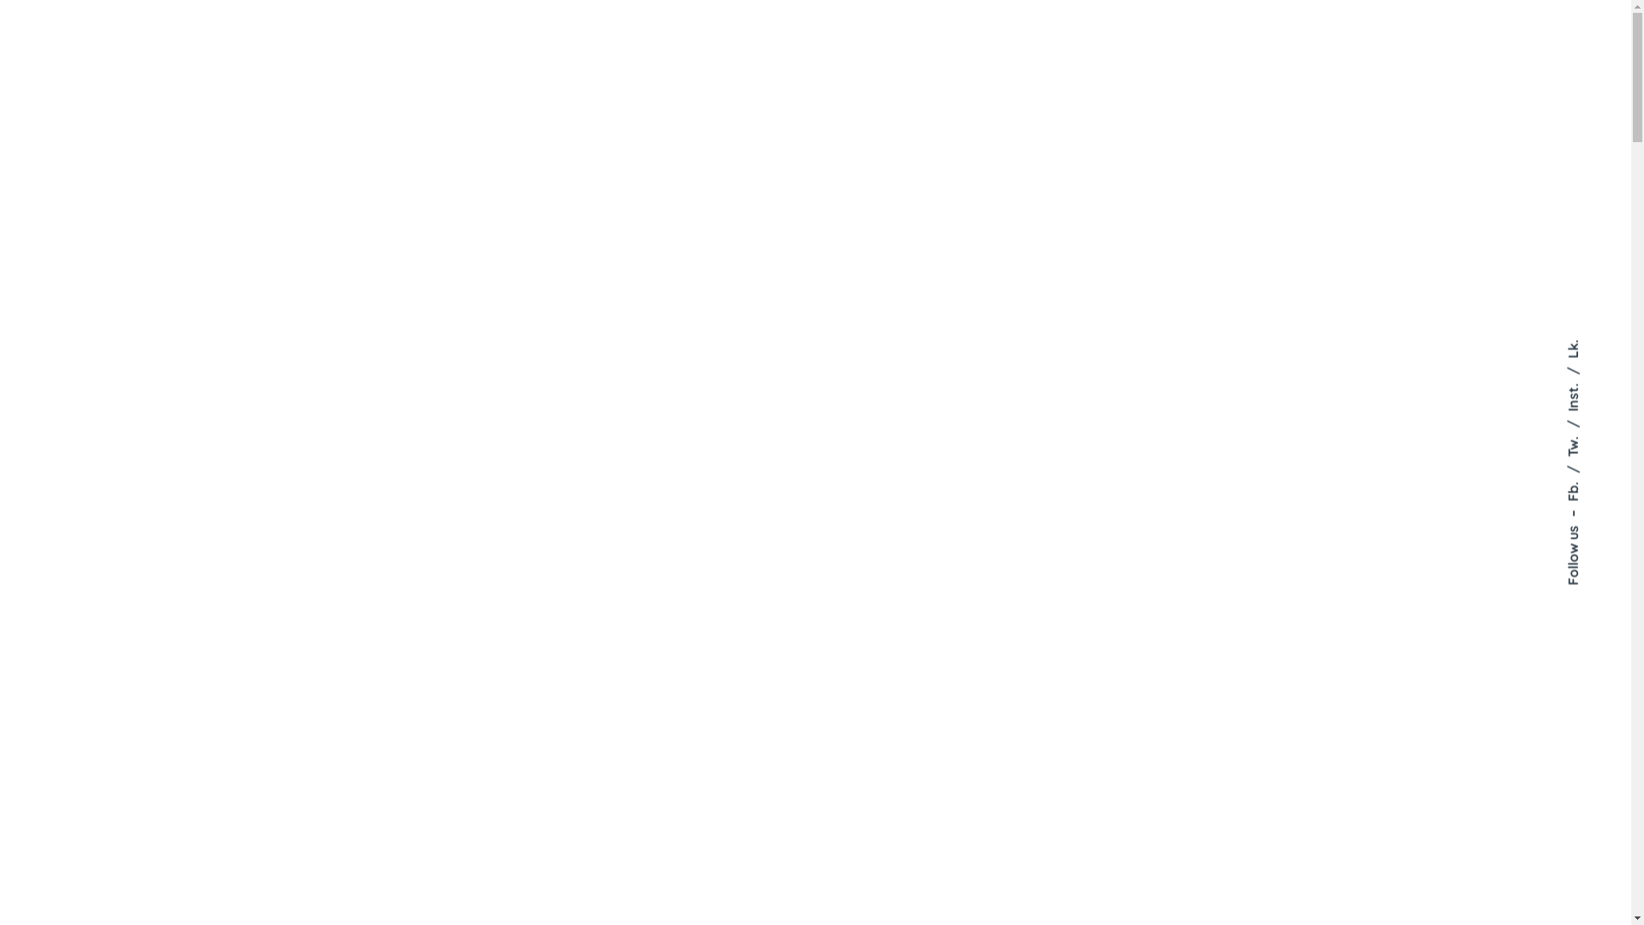  Describe the element at coordinates (1564, 374) in the screenshot. I see `'Inst.'` at that location.